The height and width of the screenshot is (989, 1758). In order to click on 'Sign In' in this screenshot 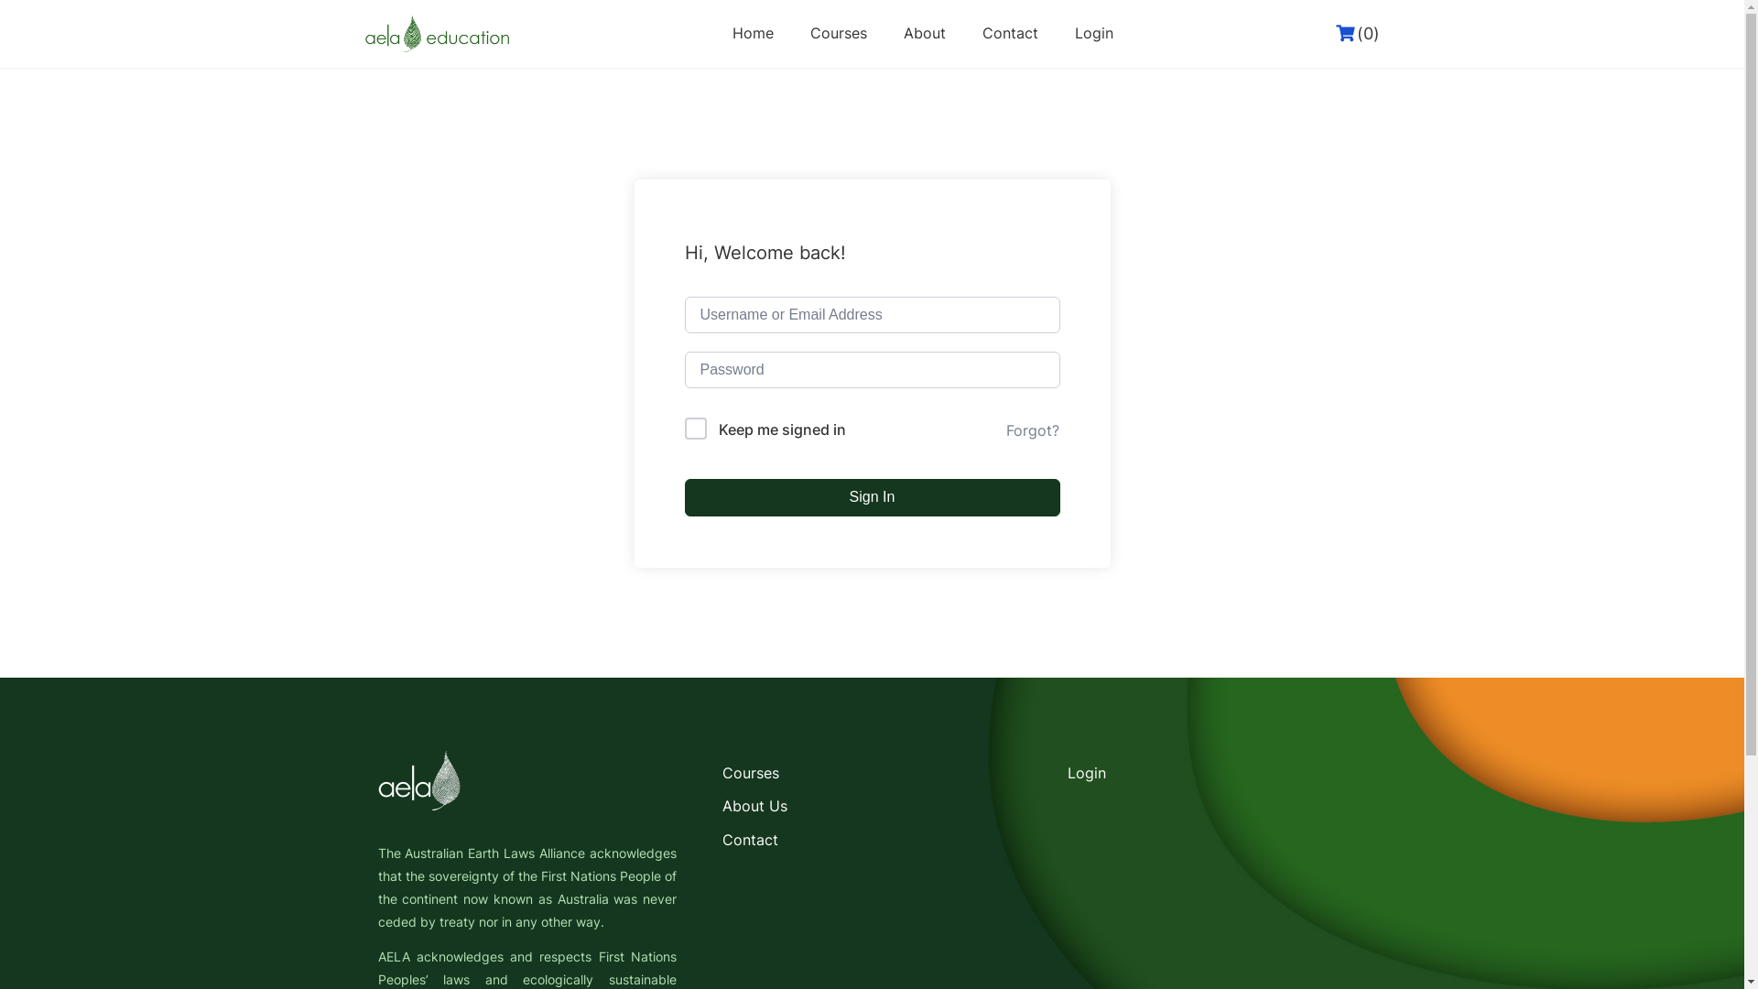, I will do `click(872, 497)`.